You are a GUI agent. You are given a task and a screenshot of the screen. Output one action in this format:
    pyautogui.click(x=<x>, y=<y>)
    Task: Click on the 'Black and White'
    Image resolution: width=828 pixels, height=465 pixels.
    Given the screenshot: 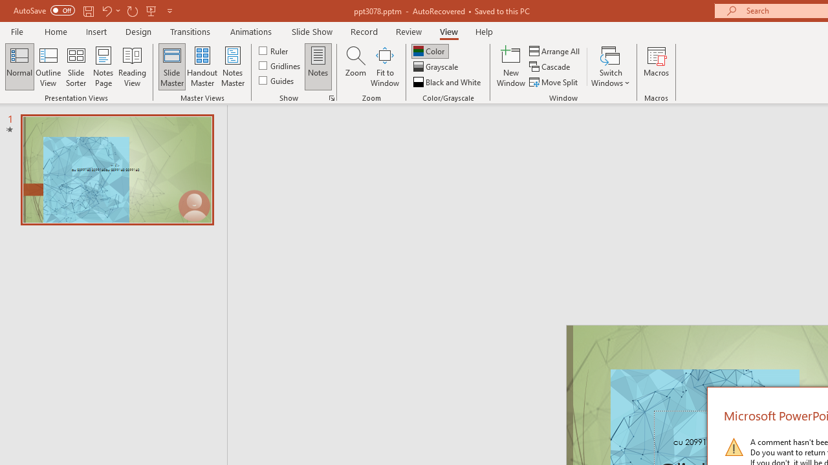 What is the action you would take?
    pyautogui.click(x=448, y=82)
    